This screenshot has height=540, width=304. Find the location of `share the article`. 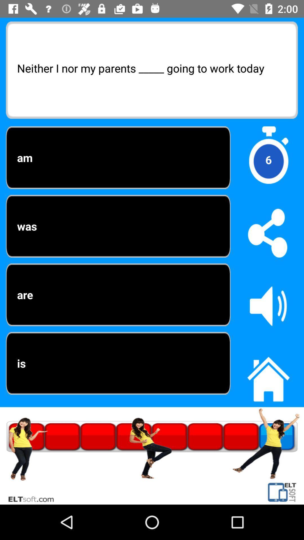

share the article is located at coordinates (268, 233).